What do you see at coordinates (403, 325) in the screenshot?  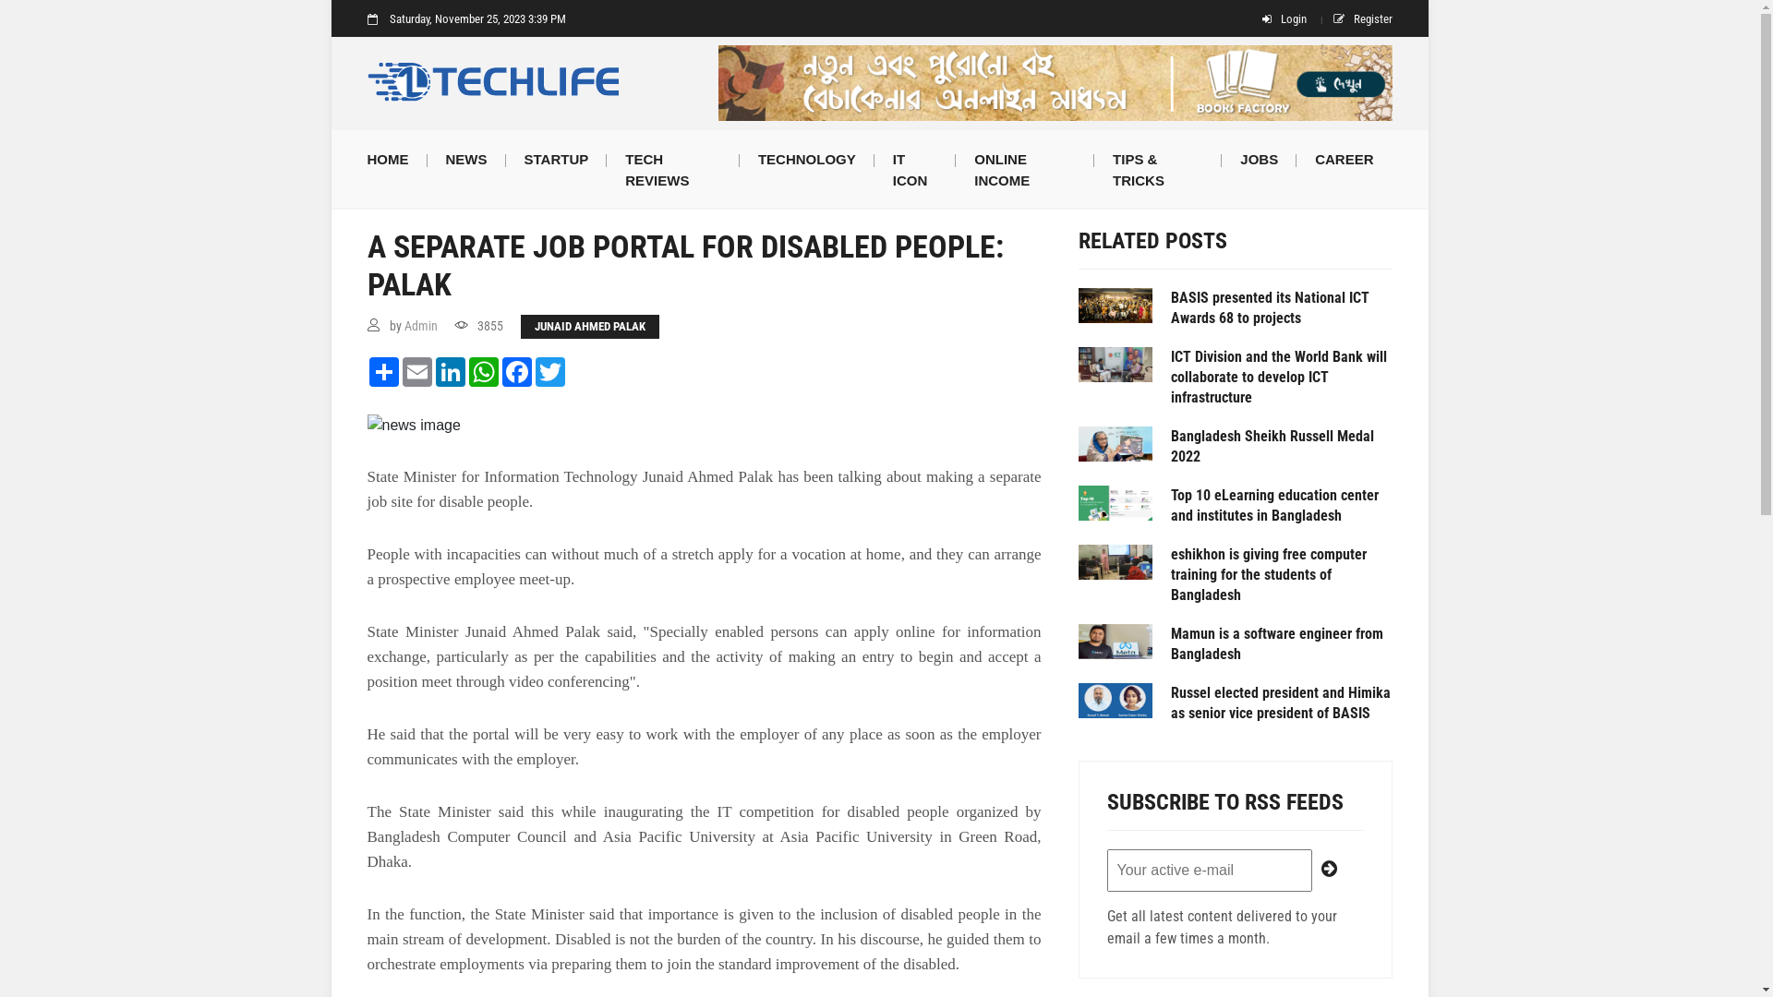 I see `'Admin'` at bounding box center [403, 325].